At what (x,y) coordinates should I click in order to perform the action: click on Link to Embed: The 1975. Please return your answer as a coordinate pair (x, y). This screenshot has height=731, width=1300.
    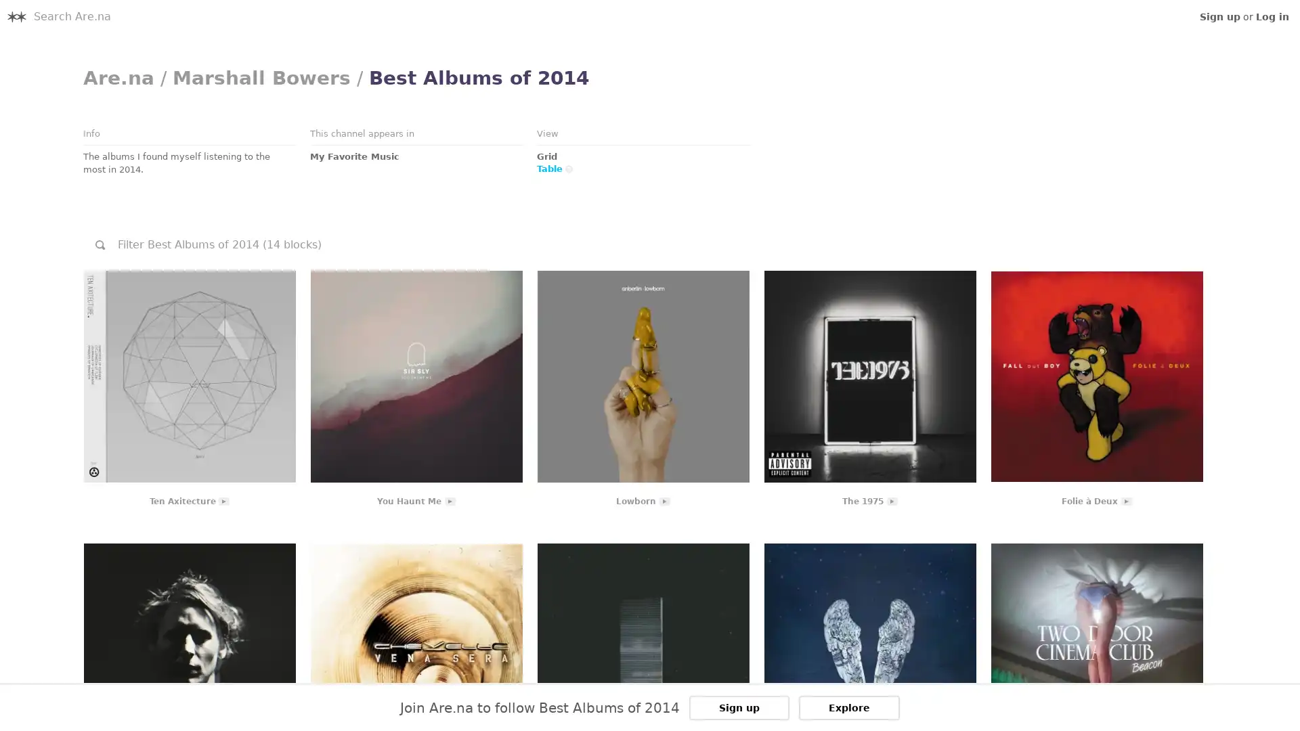
    Looking at the image, I should click on (869, 376).